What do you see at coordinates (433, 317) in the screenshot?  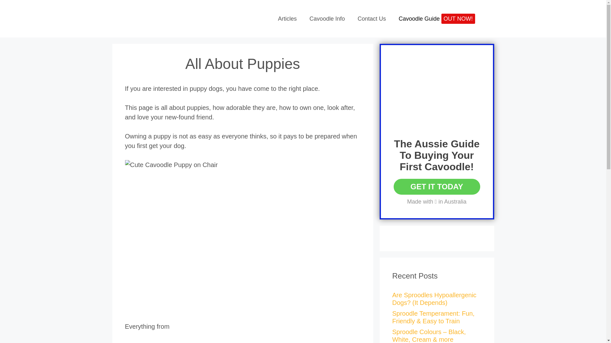 I see `'Sproodle Temperament: Fun, Friendly & Easy to Train'` at bounding box center [433, 317].